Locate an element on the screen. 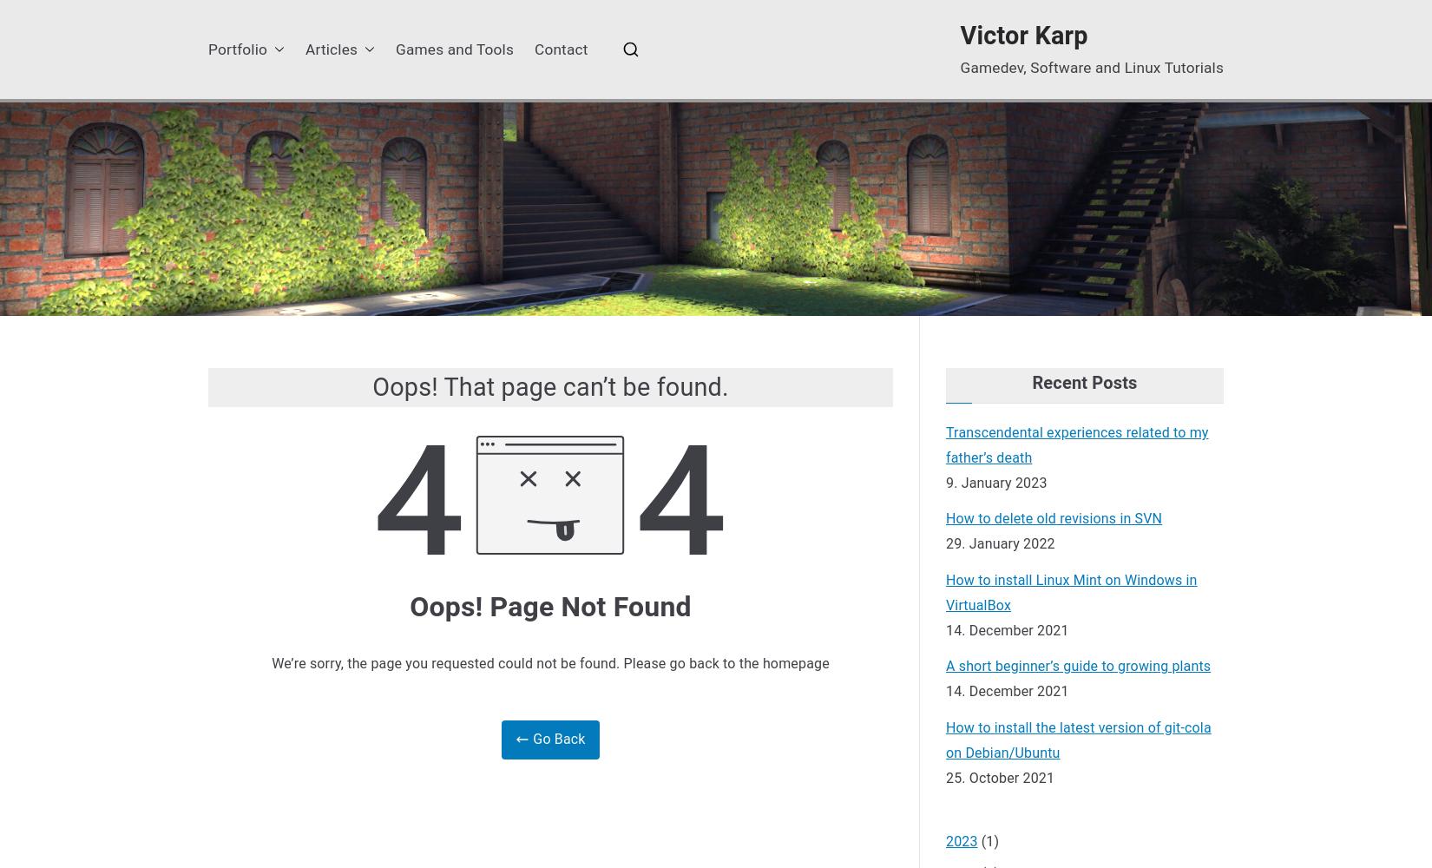  'Articles' is located at coordinates (331, 49).